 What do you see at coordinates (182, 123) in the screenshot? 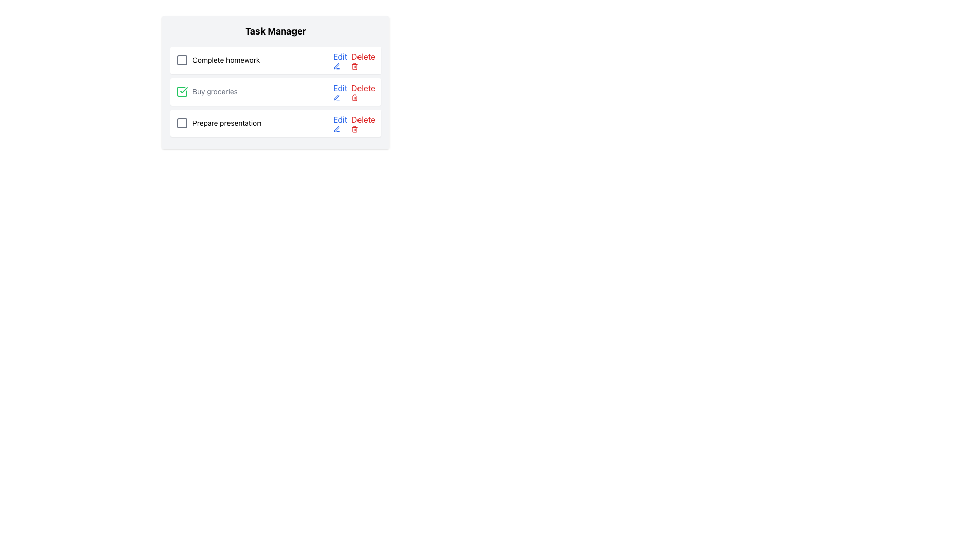
I see `the small, square-shaped checkbox located at the beginning of the 'Prepare presentation' row, which is adjacent to the text label` at bounding box center [182, 123].